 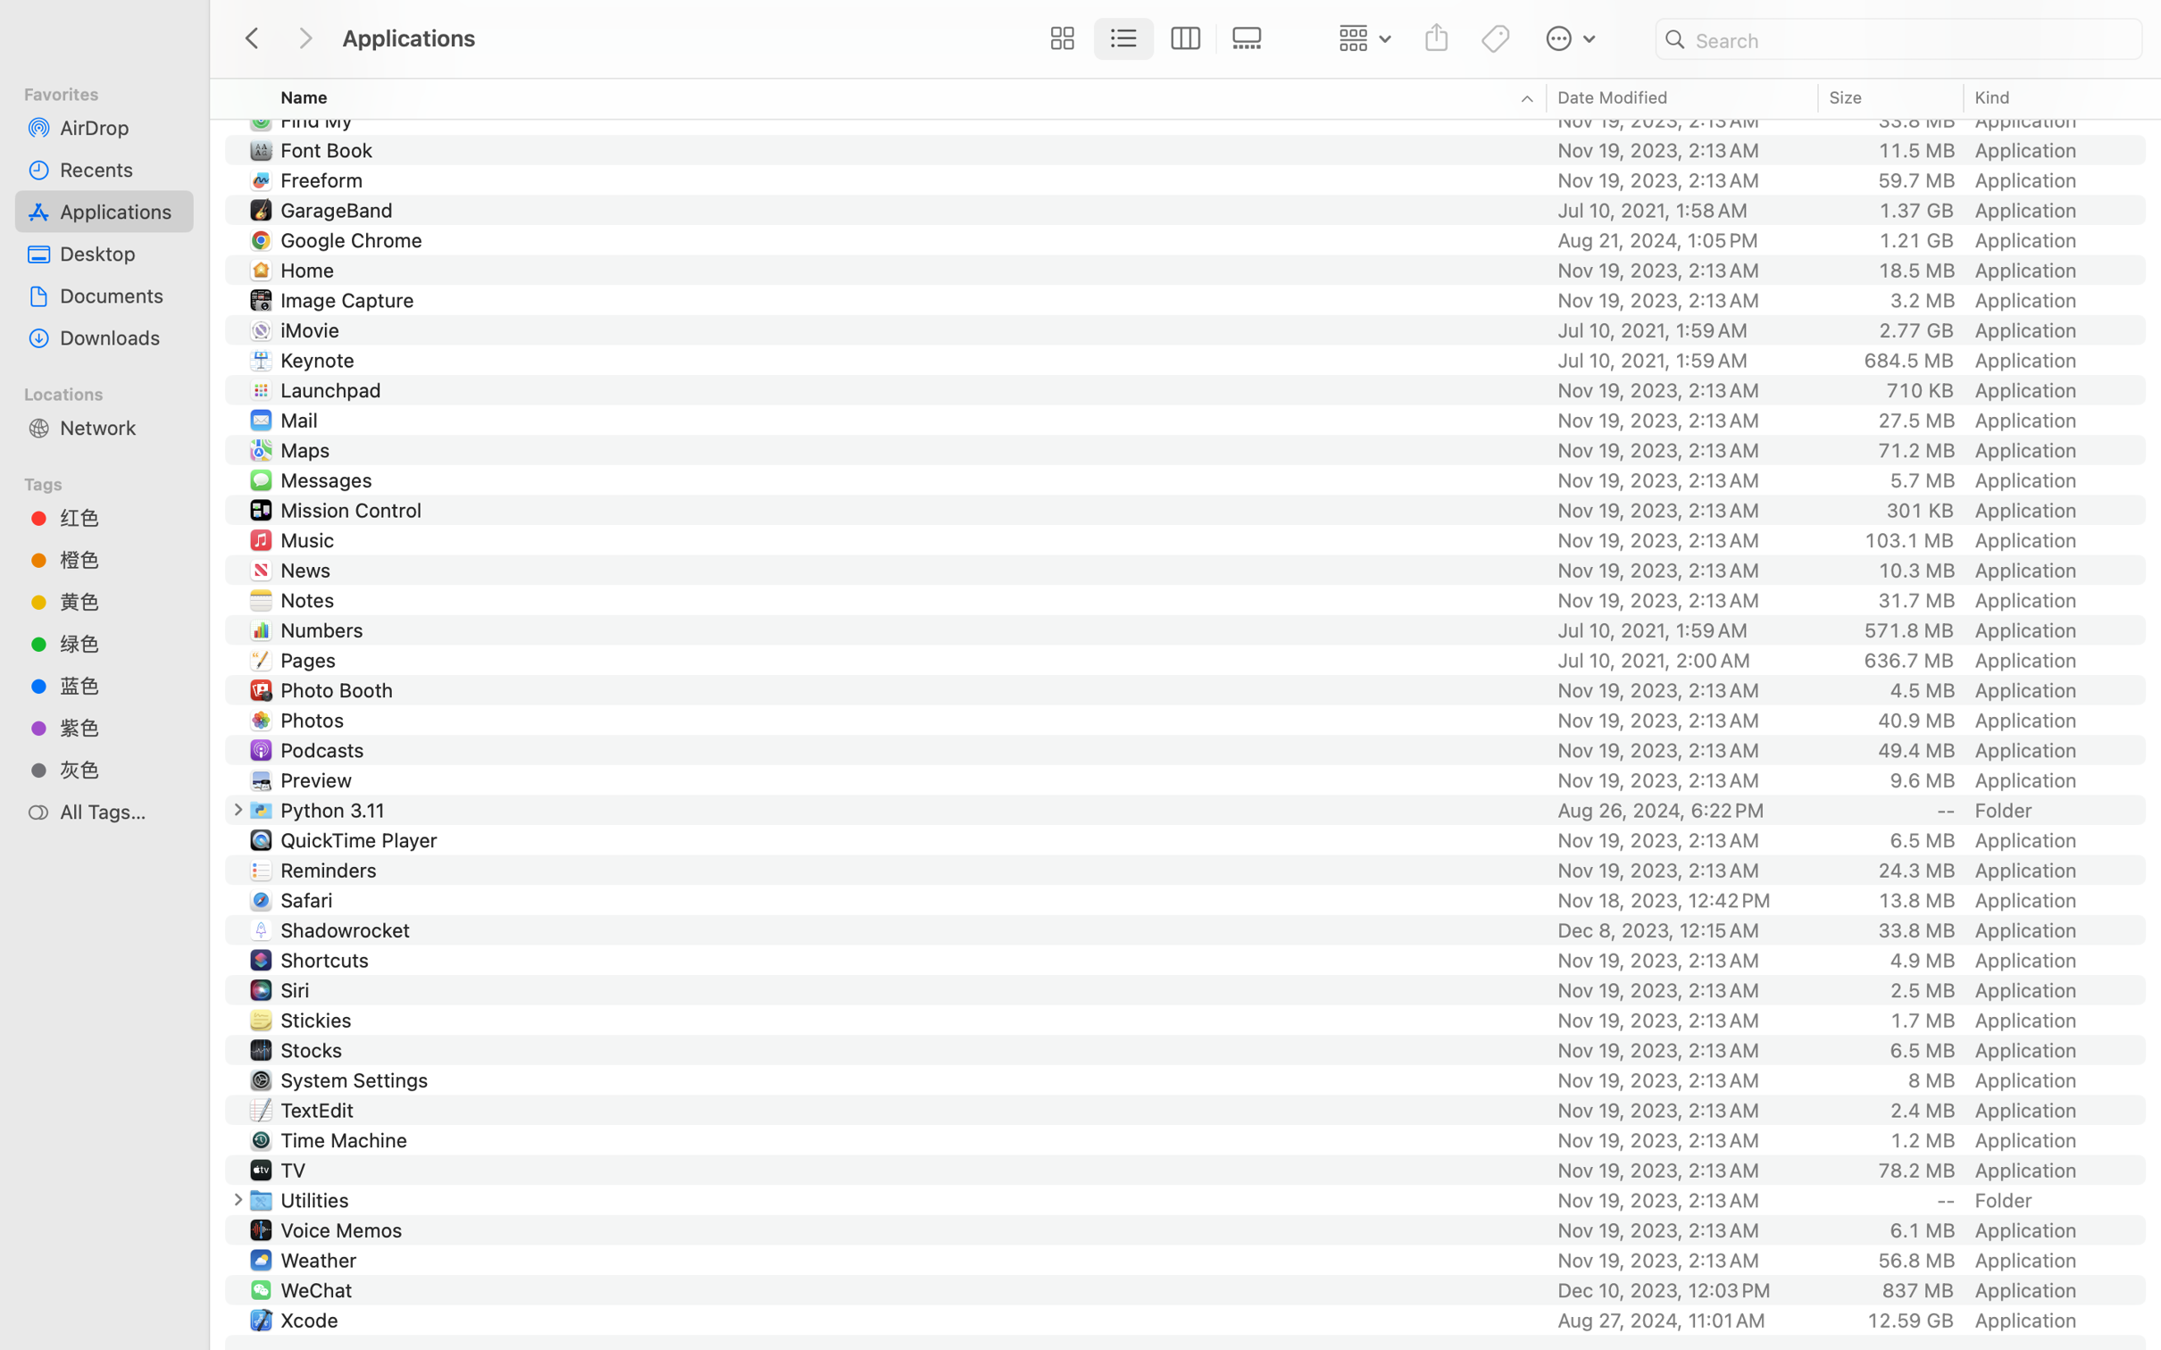 I want to click on 'Preview', so click(x=318, y=780).